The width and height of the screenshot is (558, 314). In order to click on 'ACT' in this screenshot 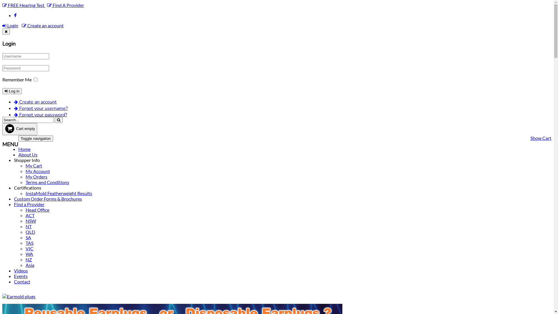, I will do `click(30, 215)`.